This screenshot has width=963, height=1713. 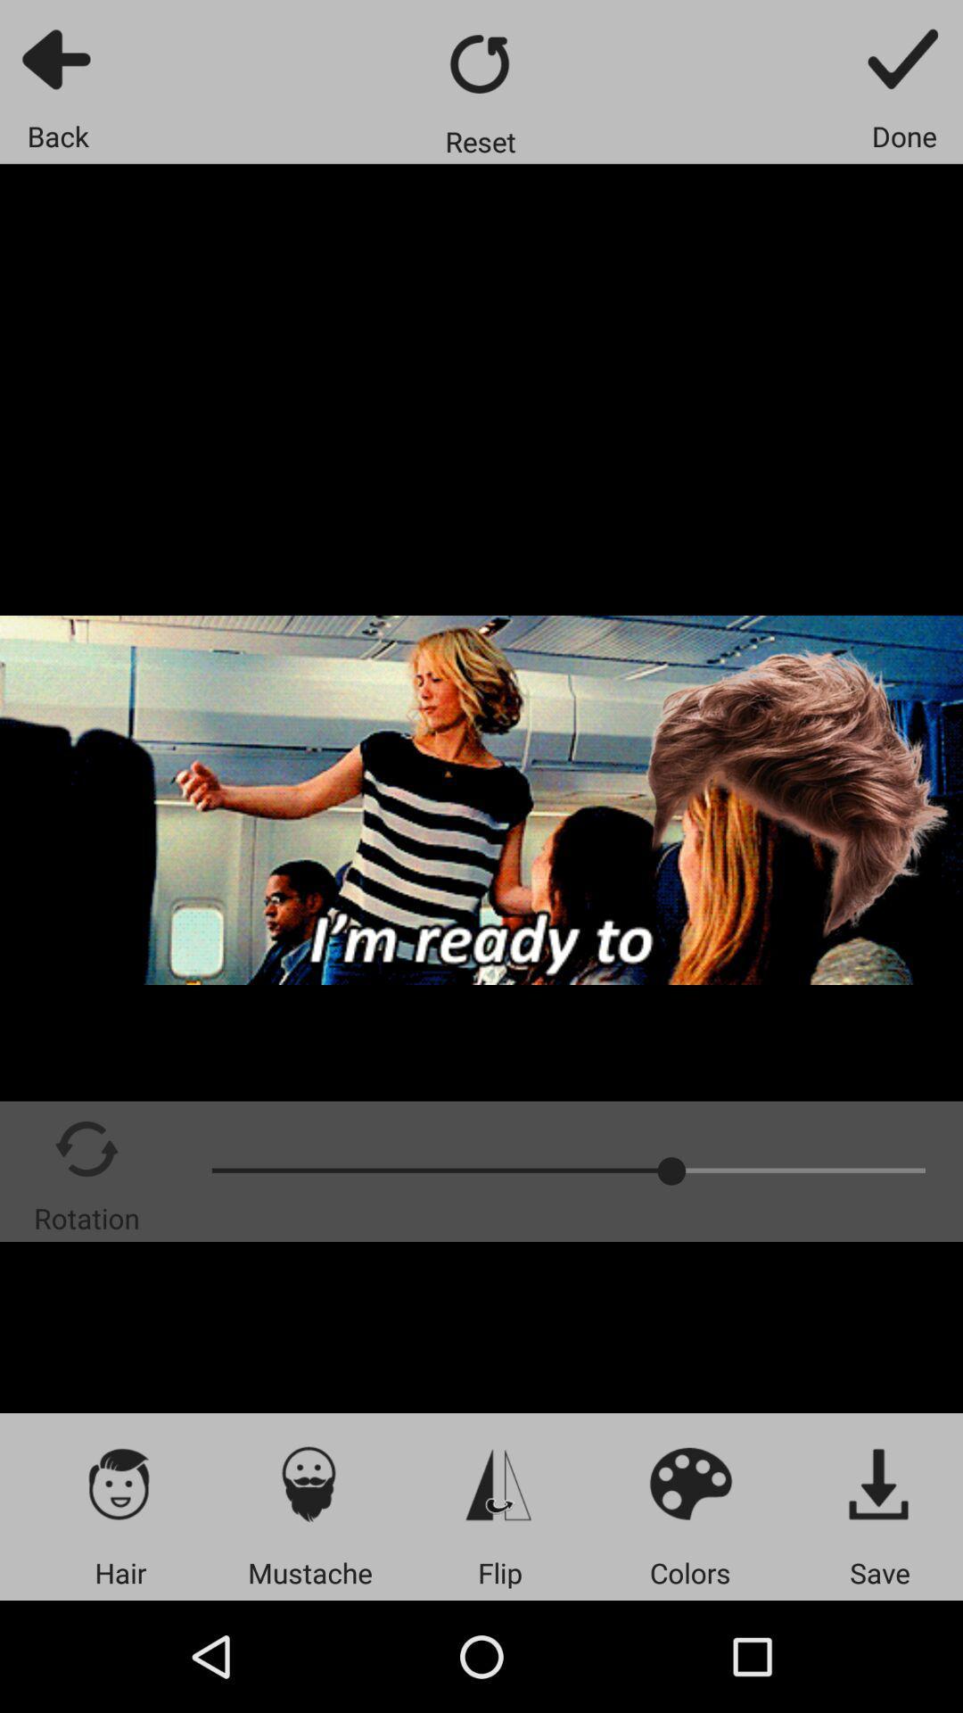 What do you see at coordinates (57, 58) in the screenshot?
I see `the arrow_backward icon` at bounding box center [57, 58].